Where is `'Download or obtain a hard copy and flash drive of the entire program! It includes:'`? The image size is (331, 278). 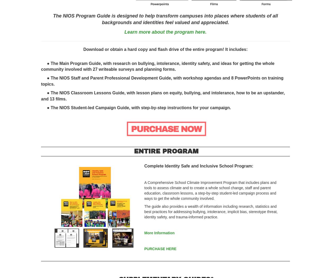 'Download or obtain a hard copy and flash drive of the entire program! It includes:' is located at coordinates (165, 49).